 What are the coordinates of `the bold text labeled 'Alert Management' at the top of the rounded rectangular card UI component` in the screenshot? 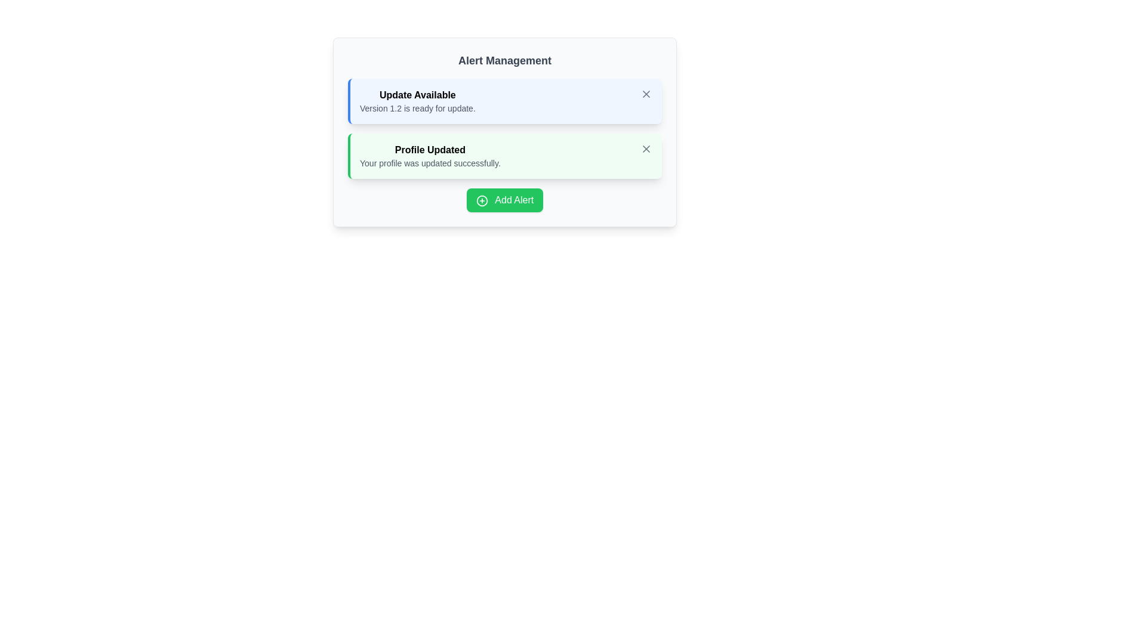 It's located at (504, 60).